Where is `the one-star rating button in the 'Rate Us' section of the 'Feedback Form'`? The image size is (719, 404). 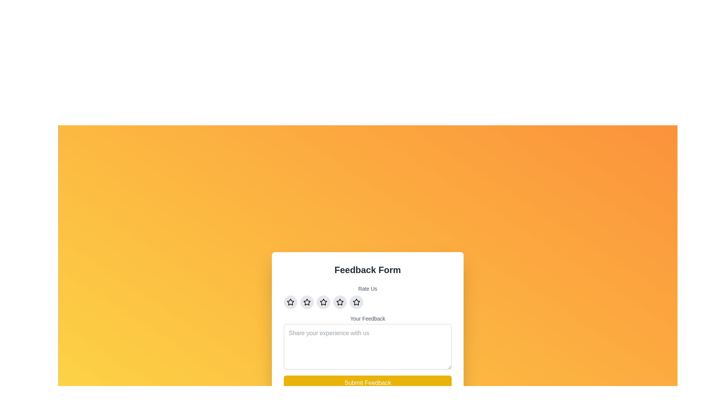
the one-star rating button in the 'Rate Us' section of the 'Feedback Form' is located at coordinates (290, 302).